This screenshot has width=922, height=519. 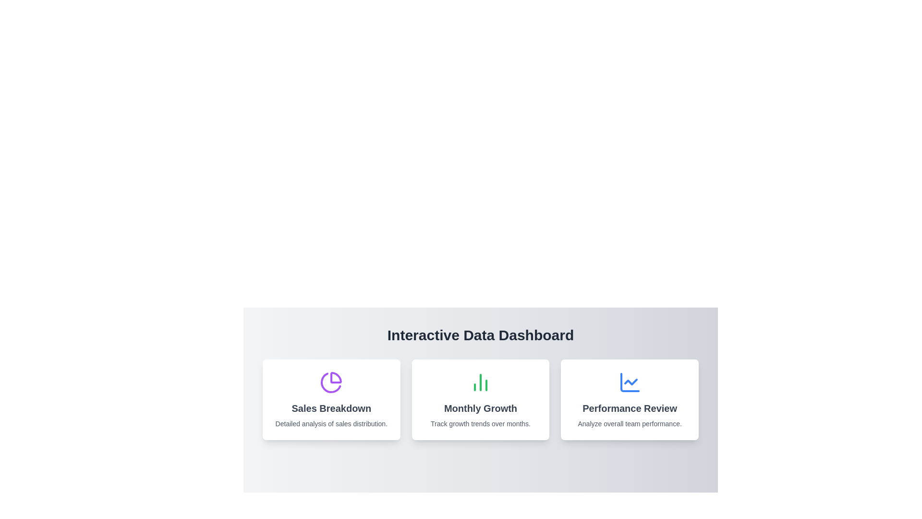 What do you see at coordinates (481, 335) in the screenshot?
I see `the primary heading element located at the top center of the interface, which identifies the purpose of the displayed dashboard` at bounding box center [481, 335].